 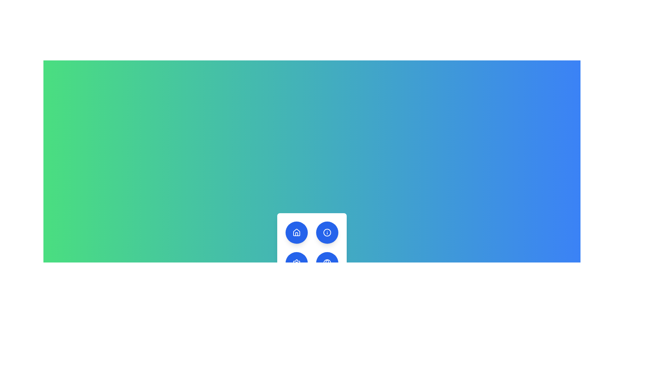 I want to click on the circular blue settings button with a gear-like symbol at its center, so click(x=297, y=263).